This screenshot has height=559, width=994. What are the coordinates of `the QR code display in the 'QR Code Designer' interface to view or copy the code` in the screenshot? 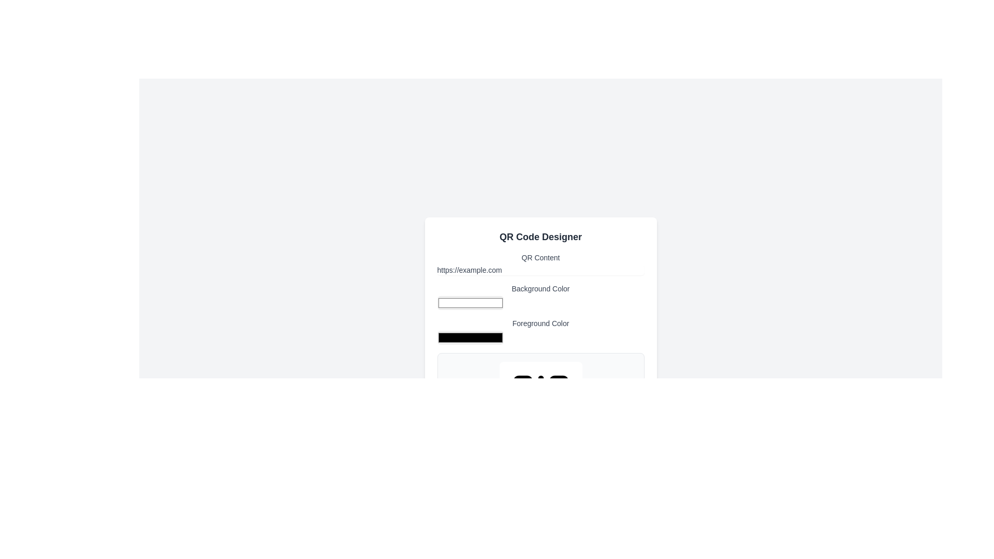 It's located at (540, 352).